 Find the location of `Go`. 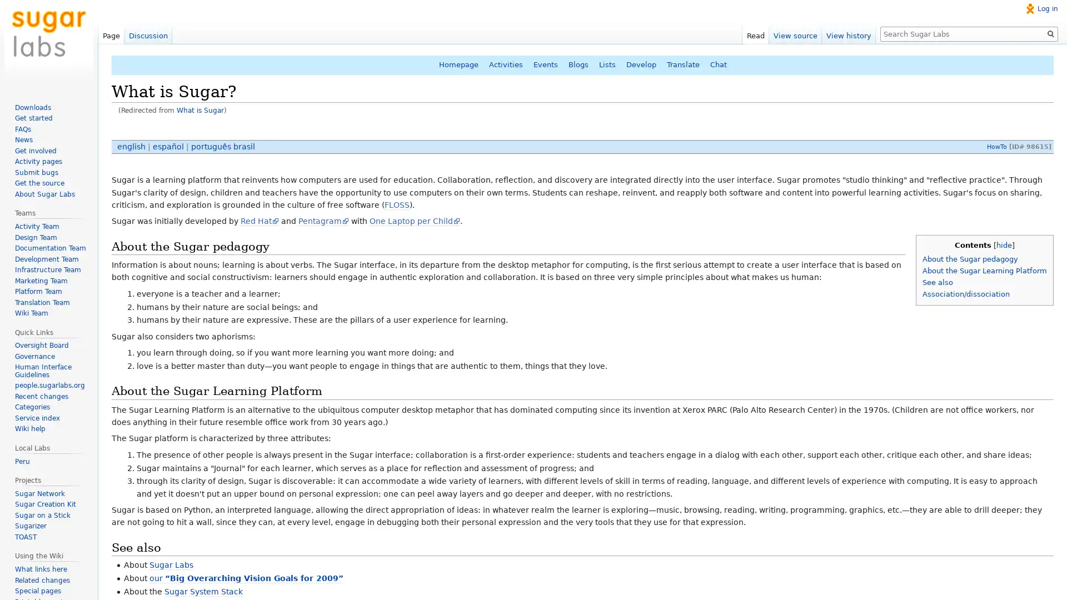

Go is located at coordinates (1050, 33).